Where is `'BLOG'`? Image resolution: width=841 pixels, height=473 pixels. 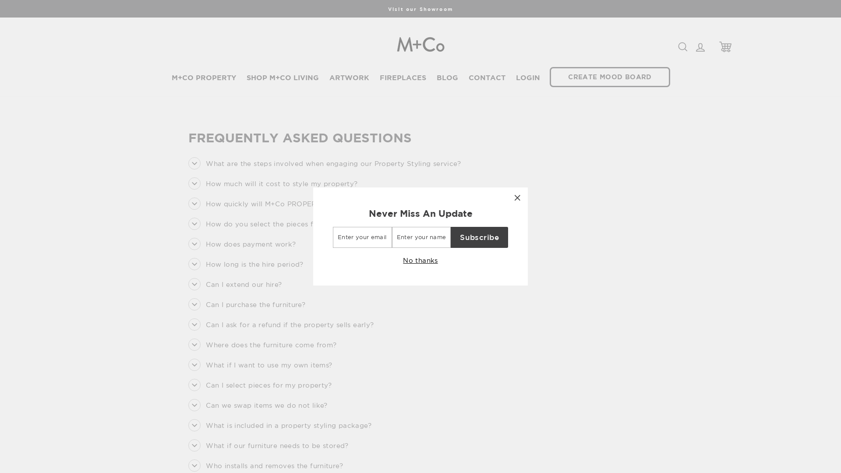
'BLOG' is located at coordinates (447, 77).